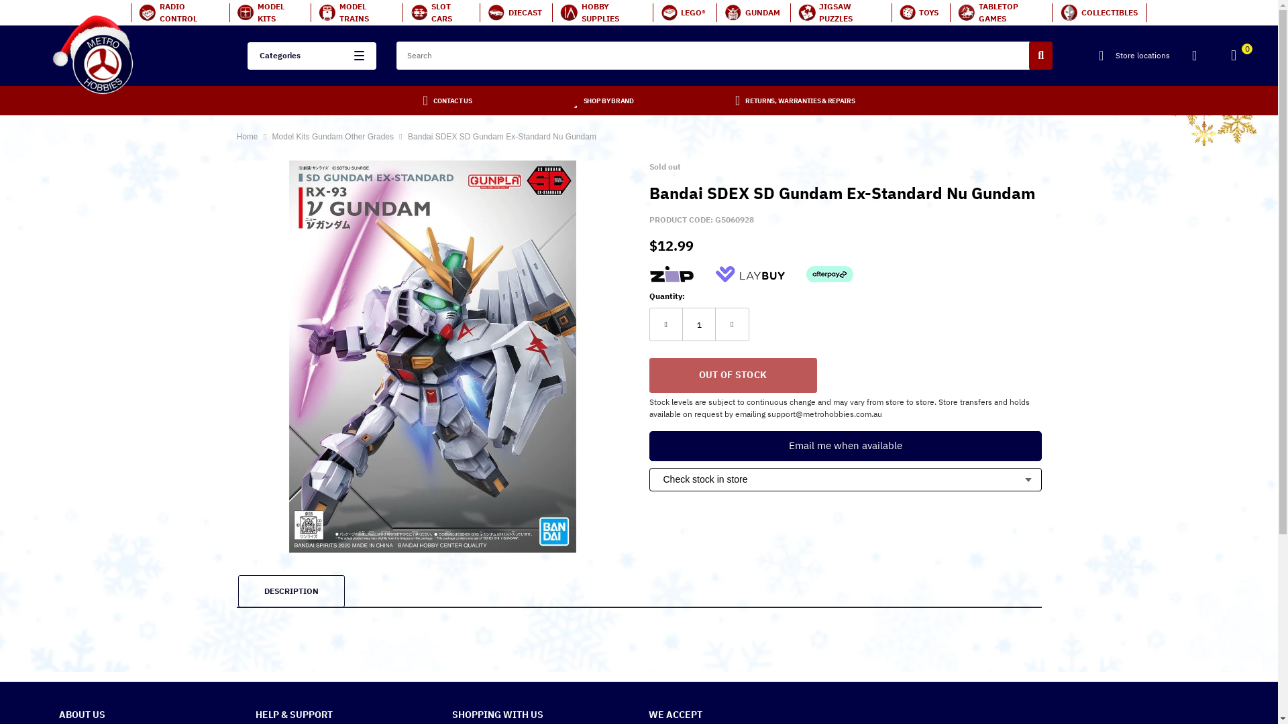 The image size is (1288, 724). I want to click on 'Out Of Stock', so click(733, 375).